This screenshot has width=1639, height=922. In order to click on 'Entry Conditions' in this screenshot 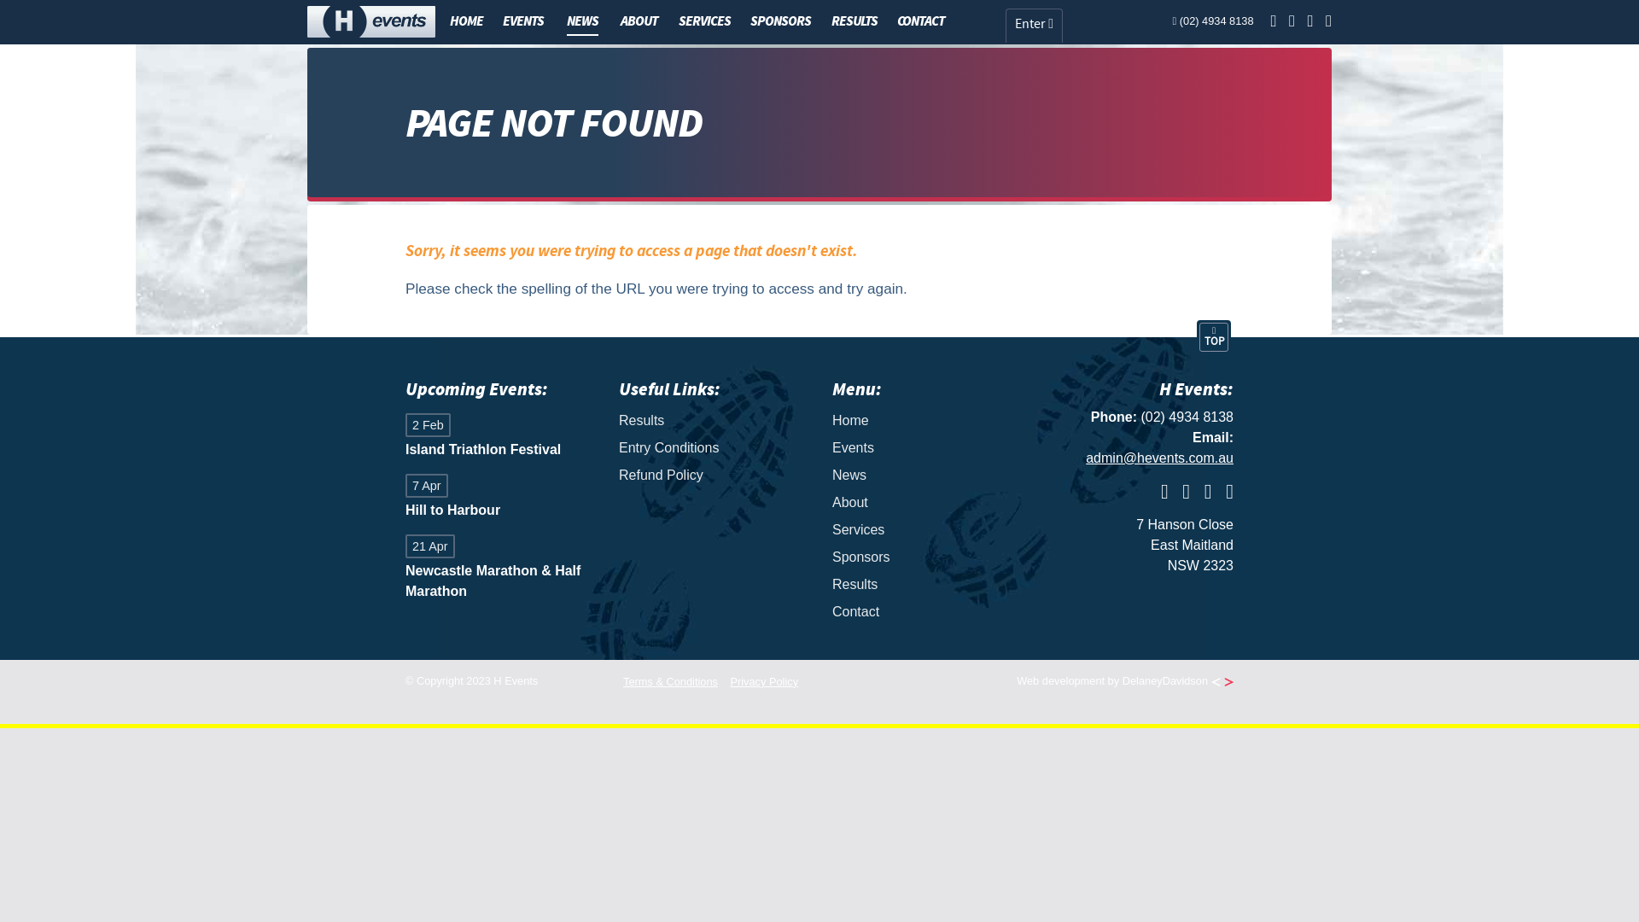, I will do `click(617, 446)`.